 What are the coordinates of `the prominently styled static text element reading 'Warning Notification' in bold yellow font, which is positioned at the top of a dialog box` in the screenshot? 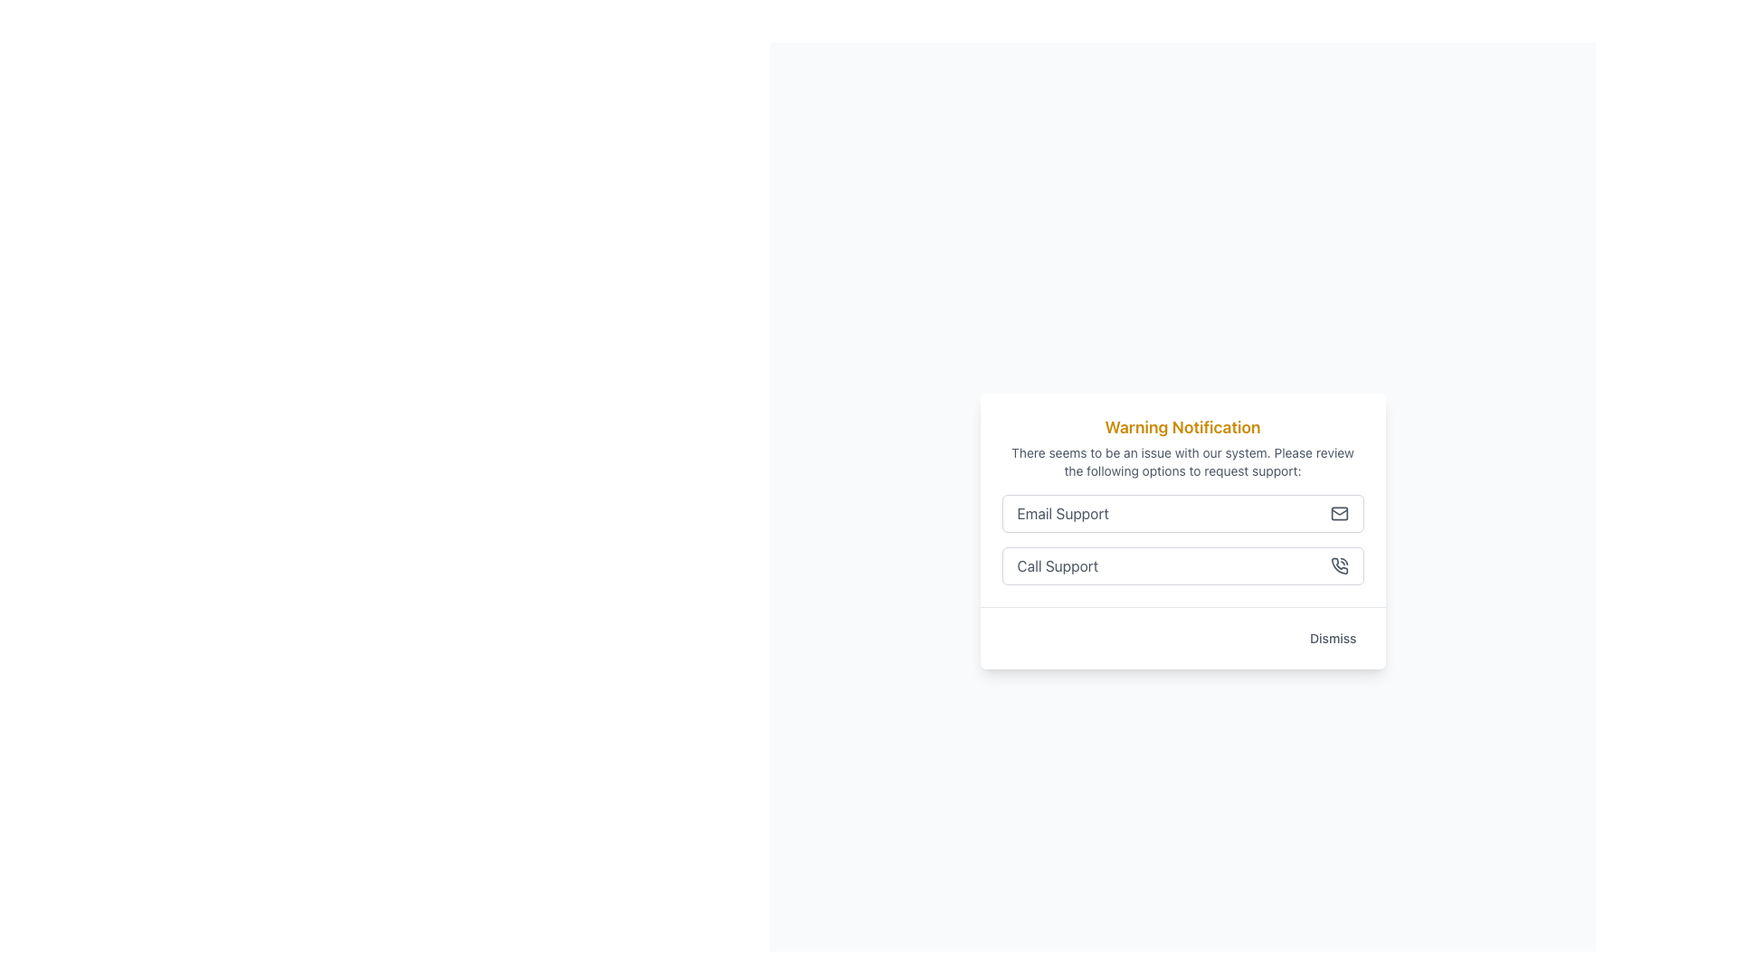 It's located at (1182, 427).